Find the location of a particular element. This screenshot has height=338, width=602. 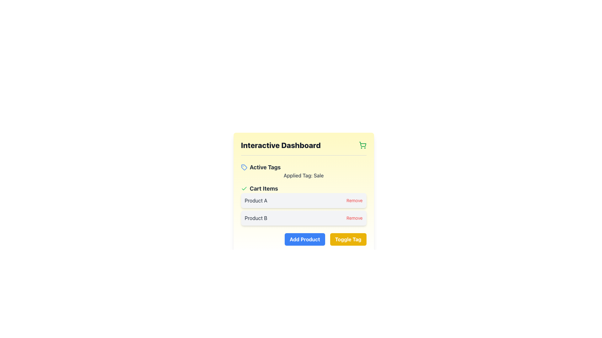

the shopping cart icon located at the top-right corner of the 'Interactive Dashboard' section is located at coordinates (362, 145).